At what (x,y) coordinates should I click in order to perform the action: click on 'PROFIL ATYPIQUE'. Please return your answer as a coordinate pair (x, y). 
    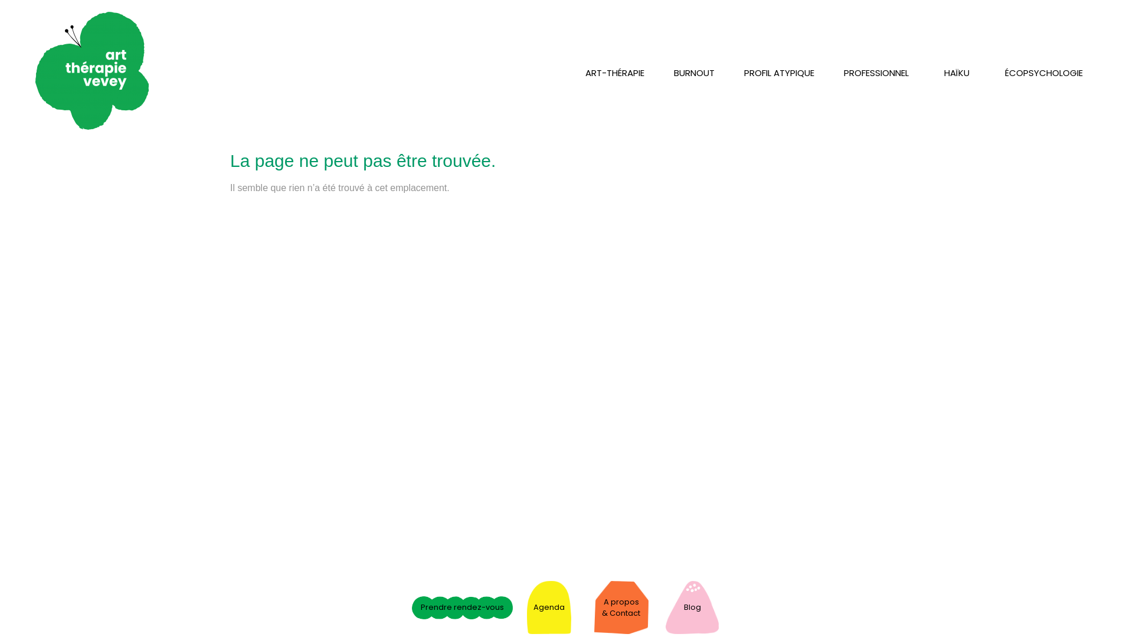
    Looking at the image, I should click on (779, 73).